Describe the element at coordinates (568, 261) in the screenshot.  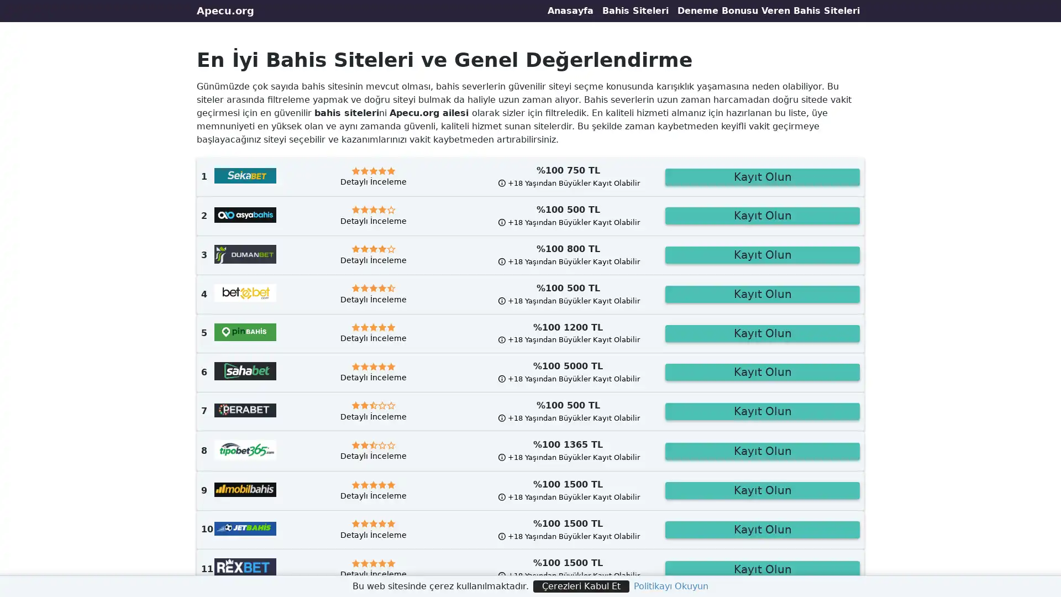
I see `Load terms and conditions` at that location.